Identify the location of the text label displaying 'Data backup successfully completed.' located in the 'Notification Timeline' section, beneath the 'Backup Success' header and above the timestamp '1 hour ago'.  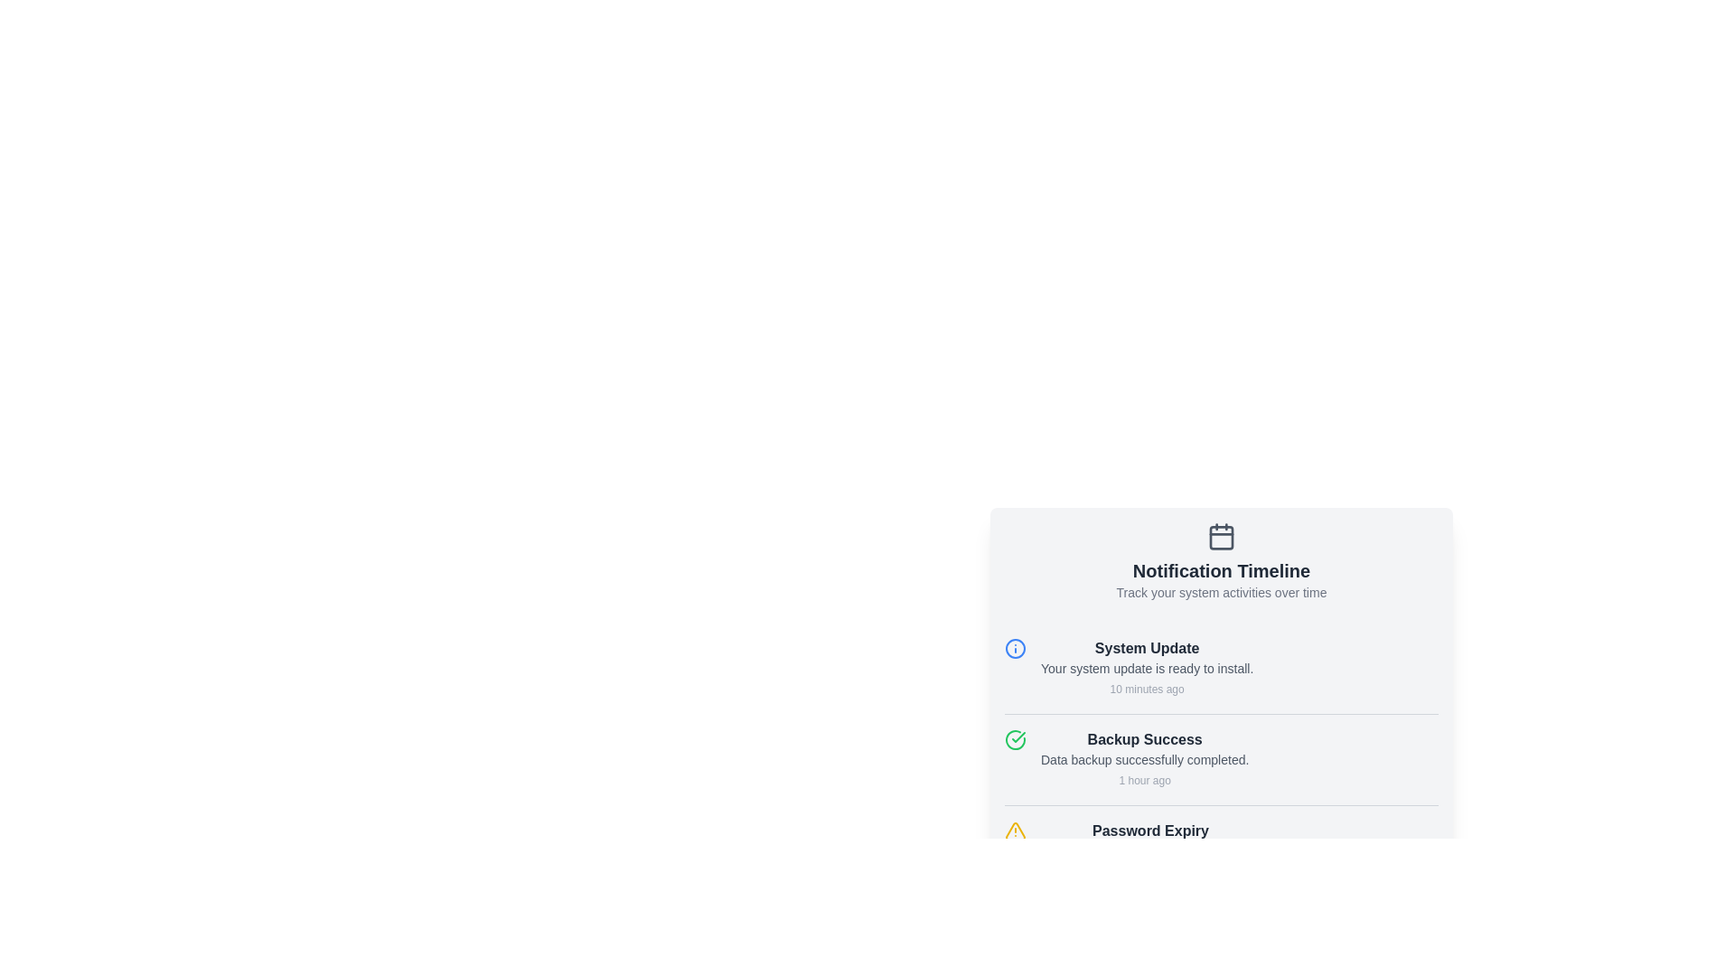
(1144, 759).